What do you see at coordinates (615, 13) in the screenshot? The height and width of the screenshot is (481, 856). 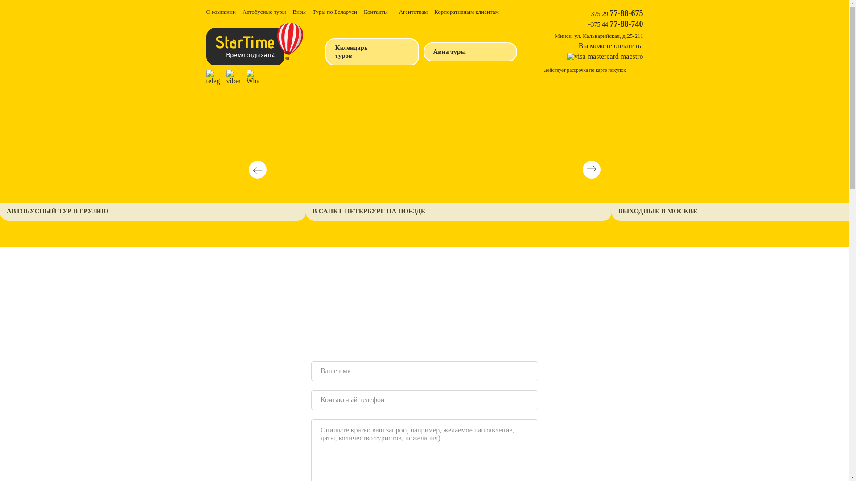 I see `'+375 29 77-88-675'` at bounding box center [615, 13].